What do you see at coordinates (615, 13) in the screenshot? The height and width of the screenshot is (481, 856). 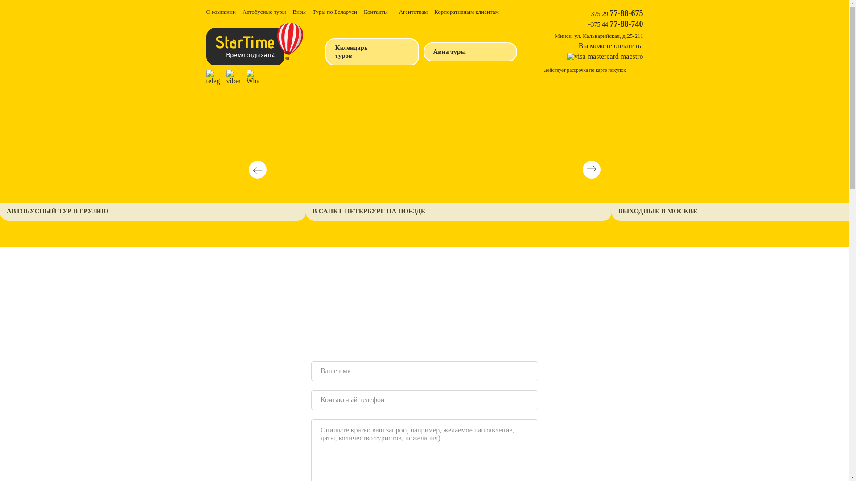 I see `'+375 29 77-88-675'` at bounding box center [615, 13].